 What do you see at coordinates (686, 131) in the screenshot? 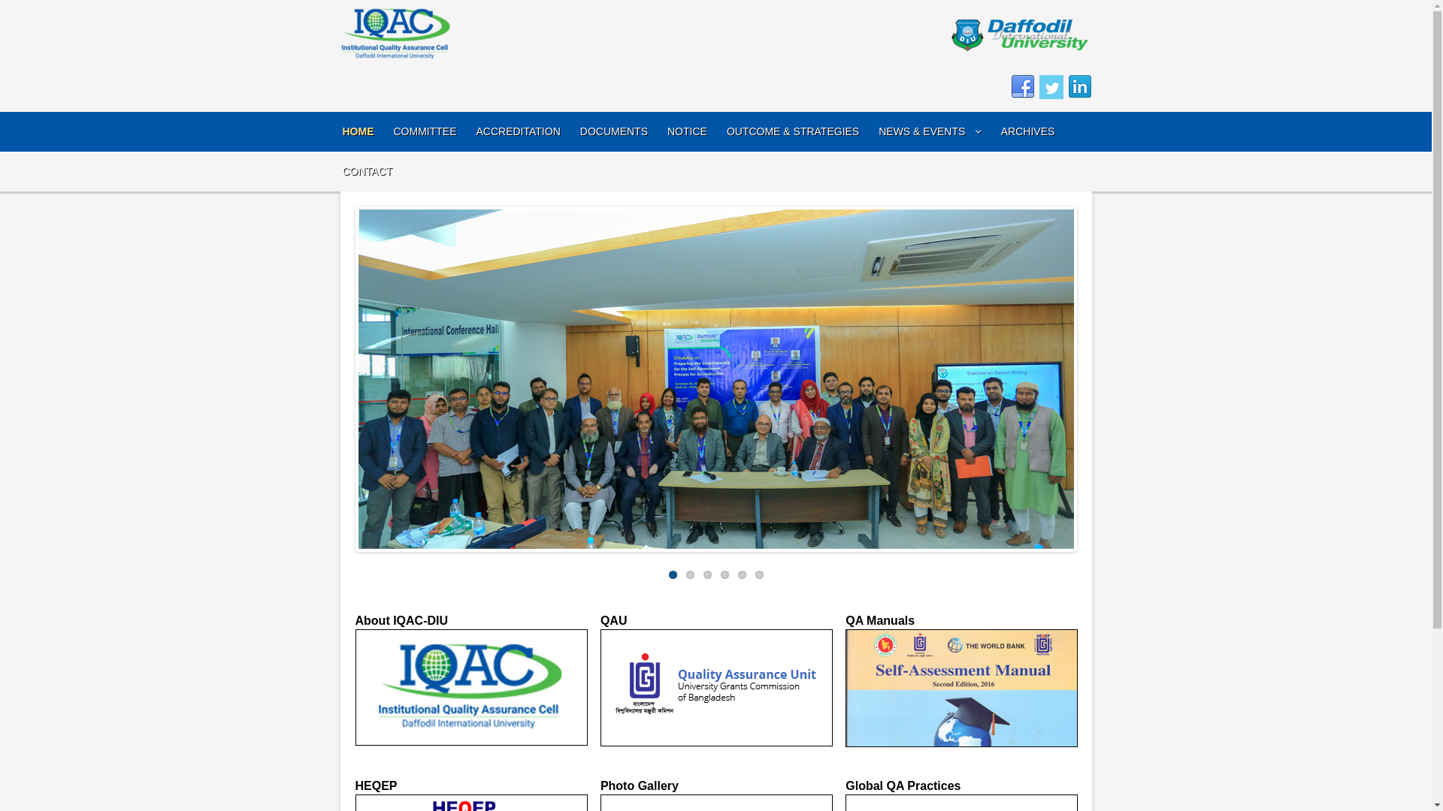
I see `'NOTICE'` at bounding box center [686, 131].